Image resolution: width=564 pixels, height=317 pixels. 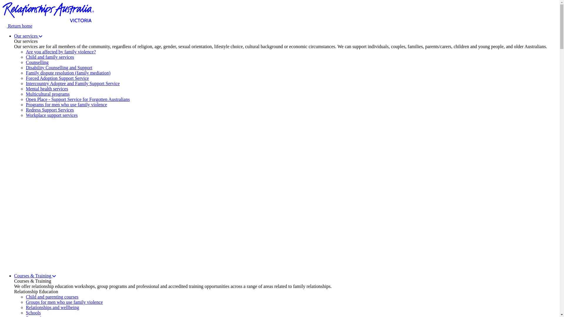 I want to click on 'Groups for men who use family violence', so click(x=64, y=302).